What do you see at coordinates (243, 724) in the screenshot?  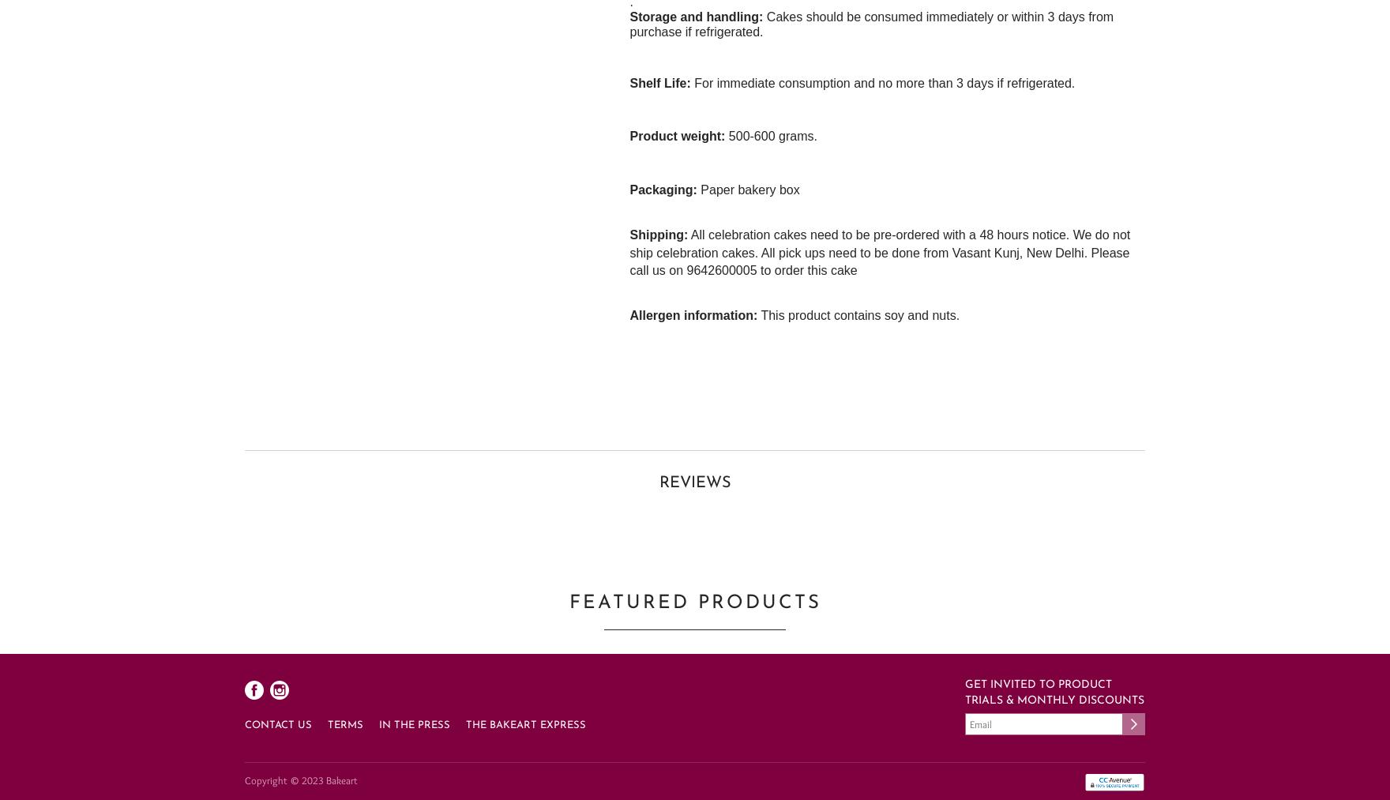 I see `'Contact Us'` at bounding box center [243, 724].